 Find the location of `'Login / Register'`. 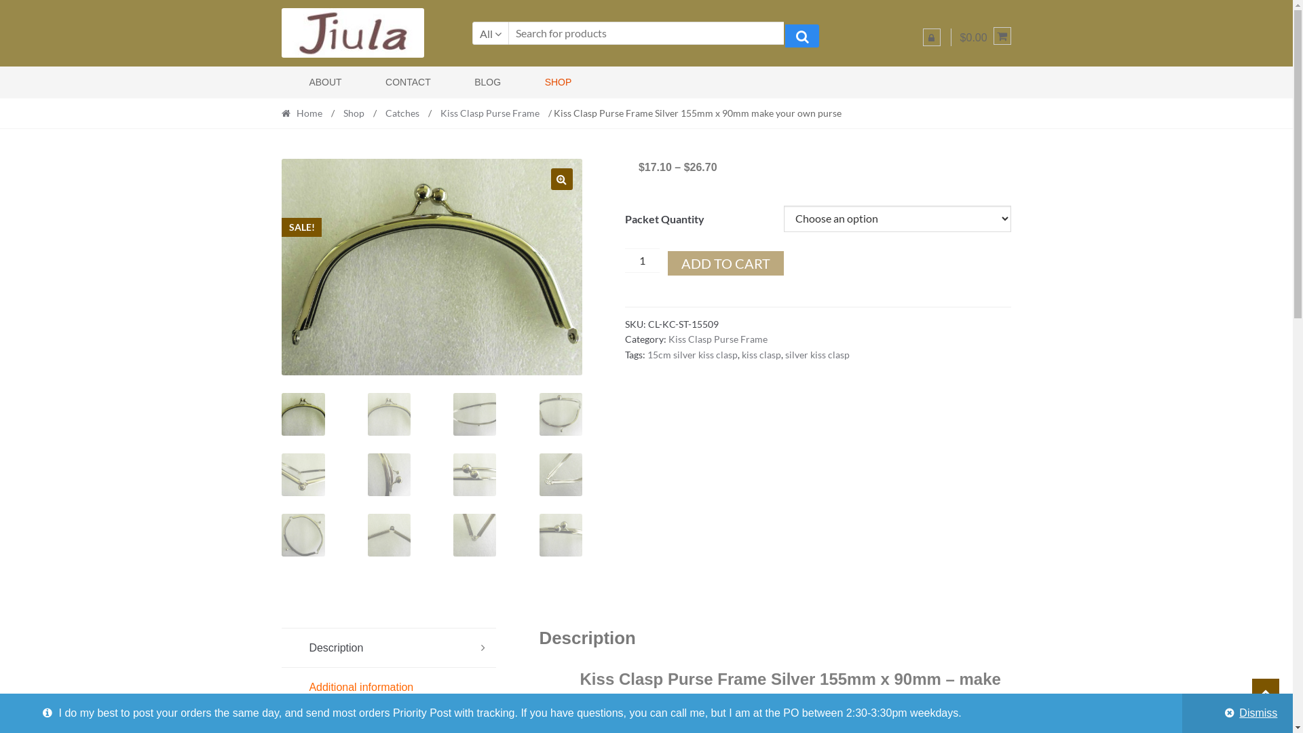

'Login / Register' is located at coordinates (930, 36).